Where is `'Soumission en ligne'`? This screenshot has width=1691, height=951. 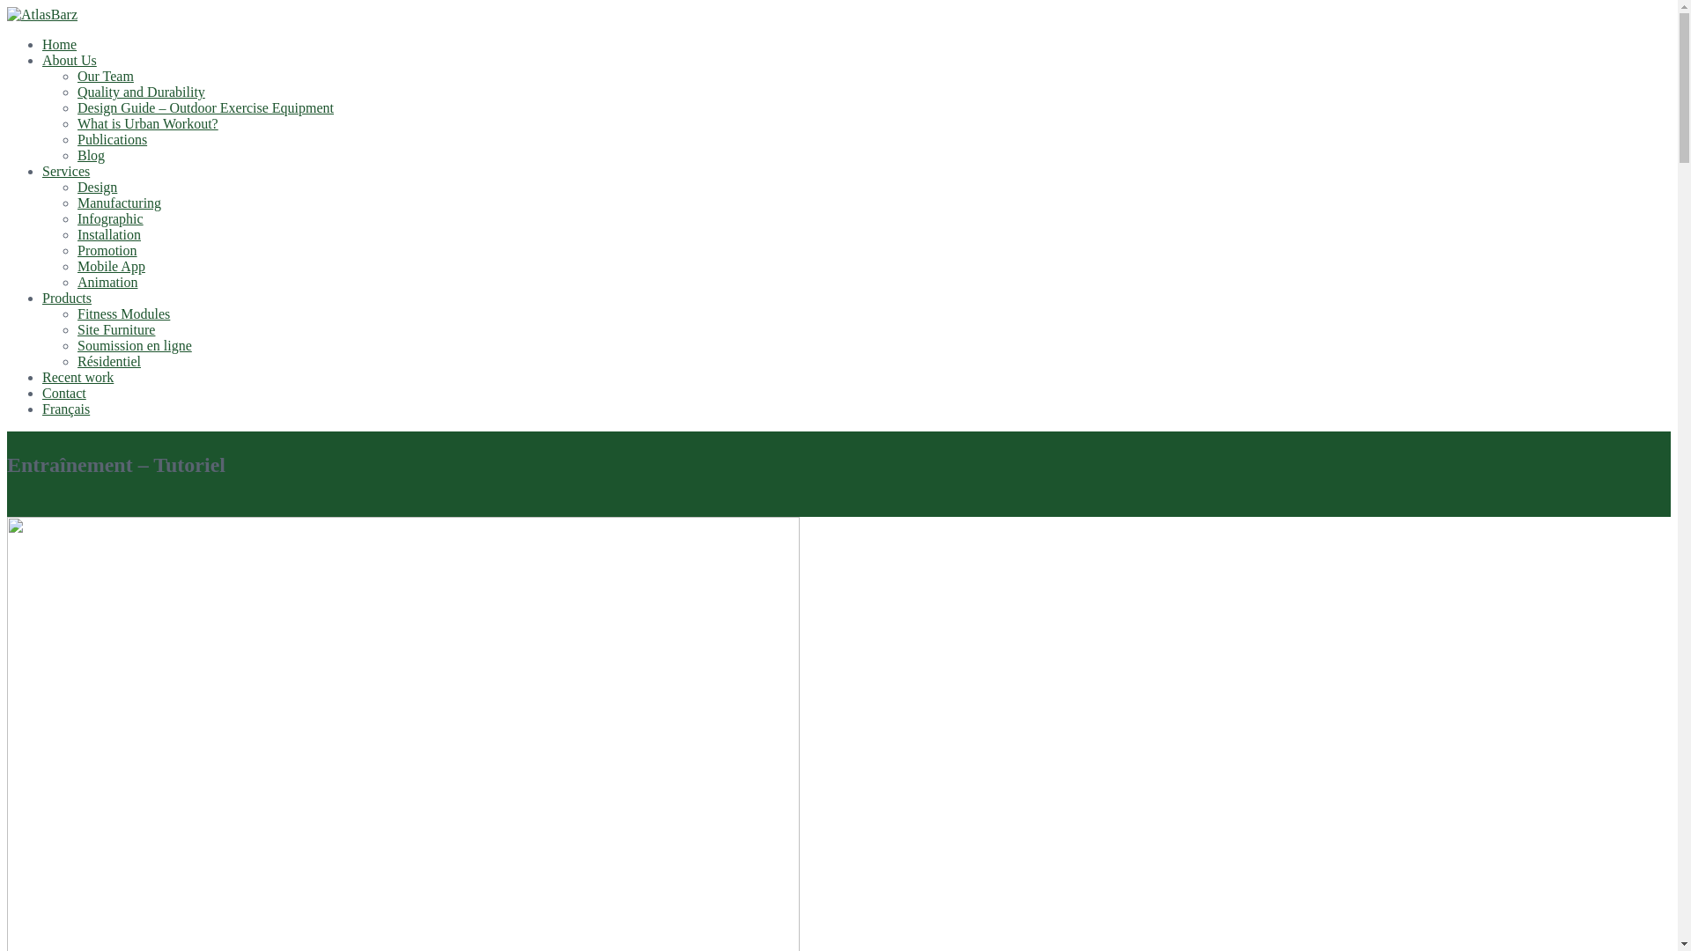
'Soumission en ligne' is located at coordinates (76, 345).